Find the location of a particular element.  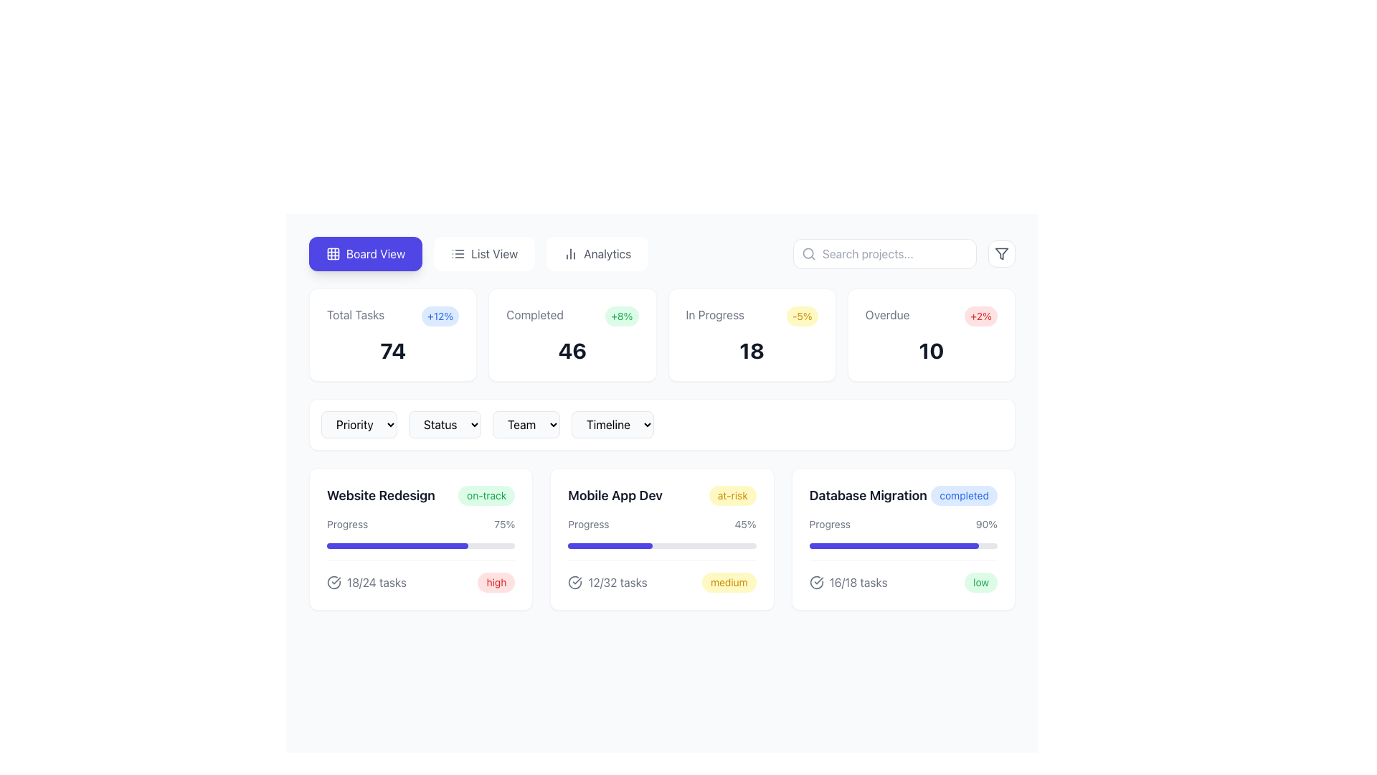

the text label that identifies the task section named 'Website Redesign', located in the task cards section to the left of the status 'on-track' is located at coordinates (381, 494).